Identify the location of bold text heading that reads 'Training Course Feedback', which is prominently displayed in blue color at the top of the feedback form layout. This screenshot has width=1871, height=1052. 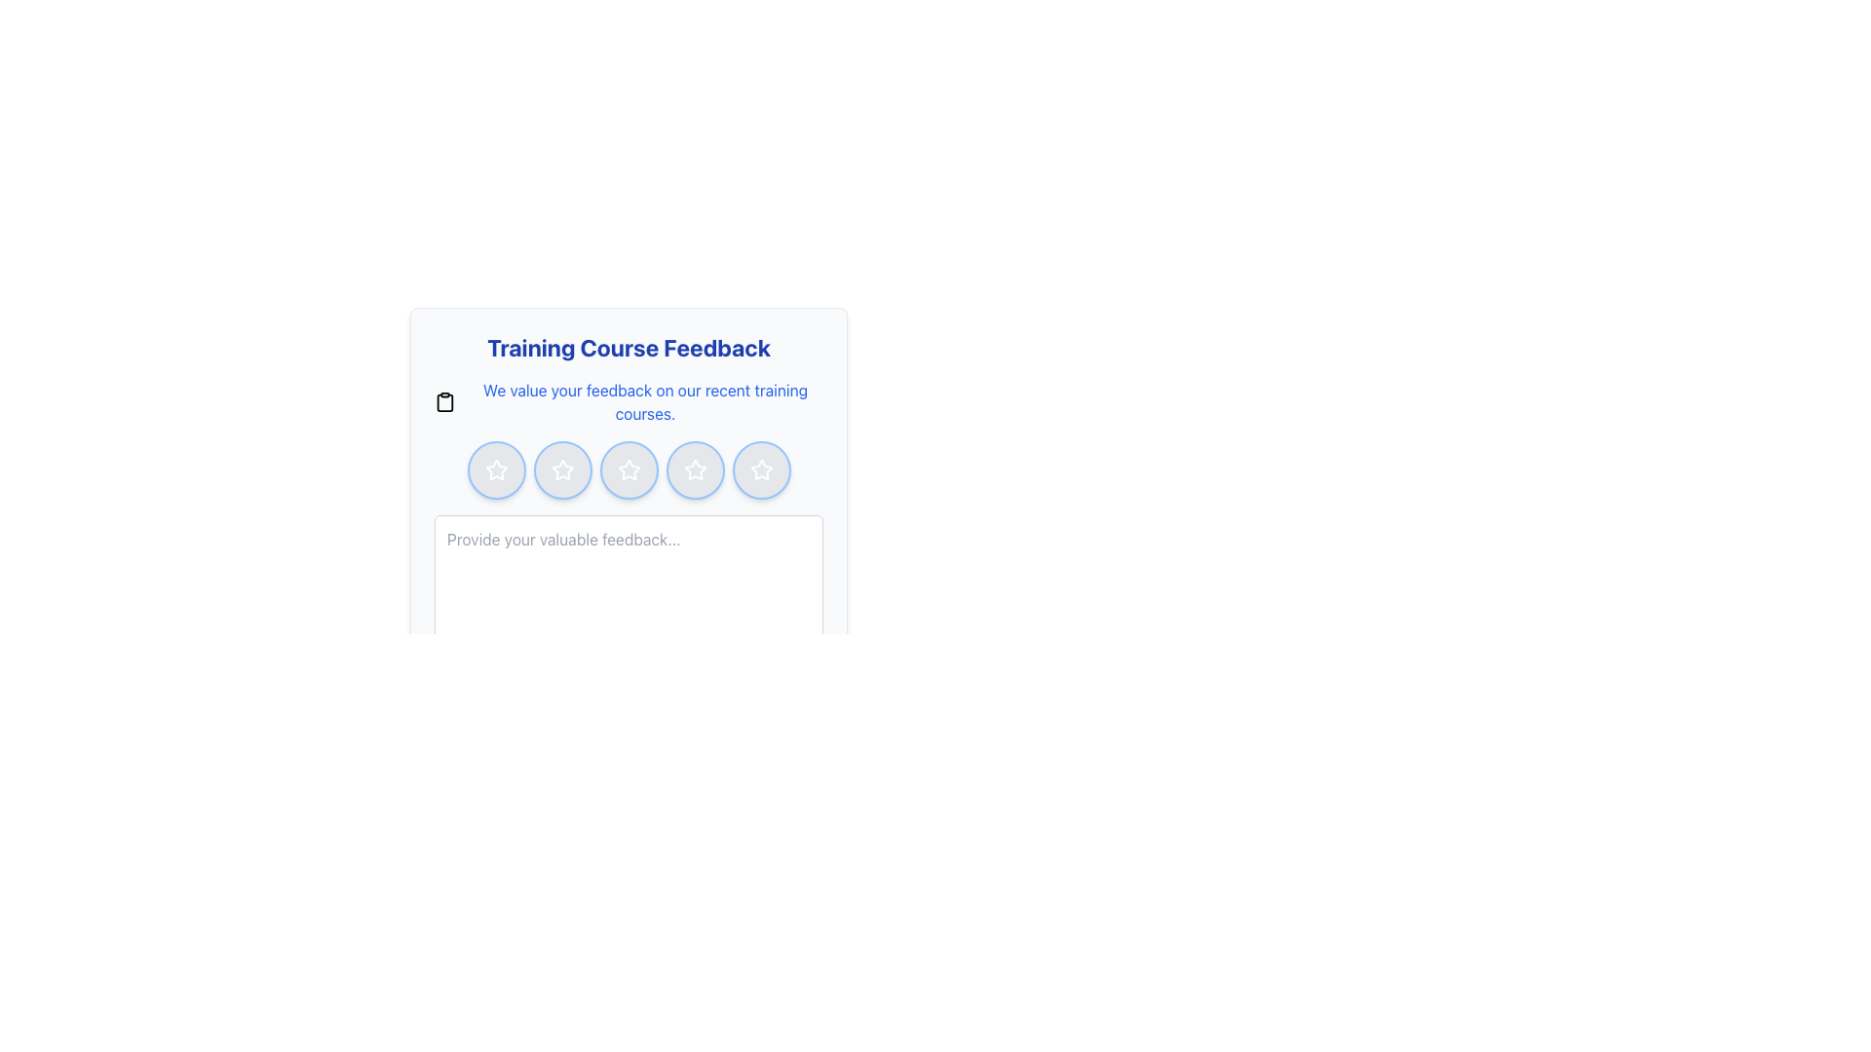
(629, 347).